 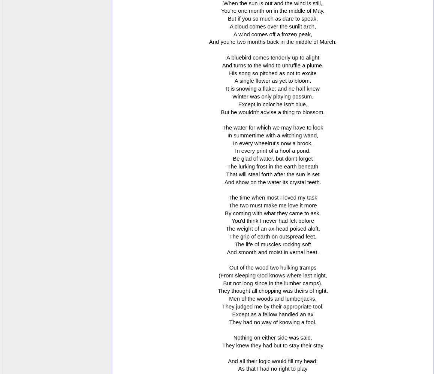 I want to click on 'In every print of a hoof a pond.', so click(x=272, y=150).